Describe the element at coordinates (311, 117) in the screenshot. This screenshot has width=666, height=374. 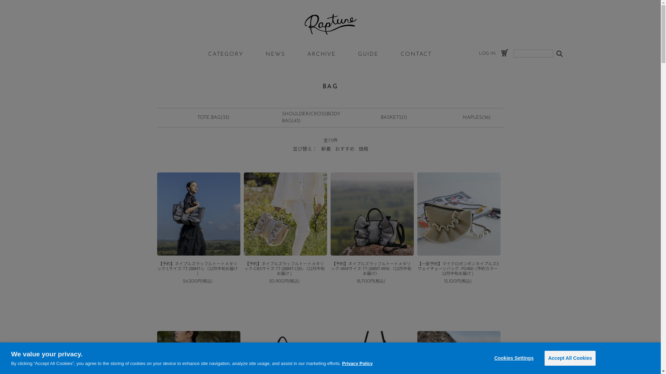
I see `'SHOULDER/CROSSBODY BAG(43)'` at that location.